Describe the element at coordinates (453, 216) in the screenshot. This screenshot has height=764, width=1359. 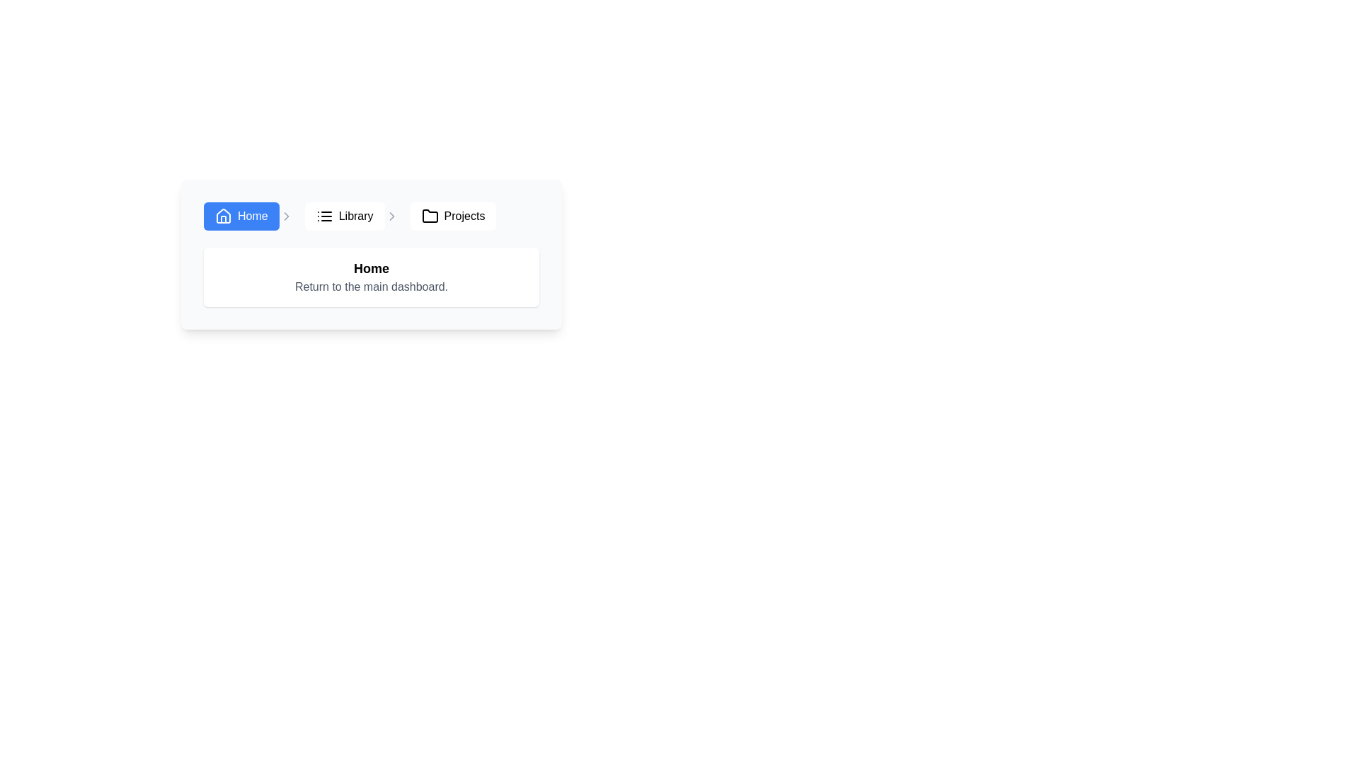
I see `the 'Projects' navigation button located on the far-right of the horizontal navigation bar, positioned after the 'Library' button` at that location.